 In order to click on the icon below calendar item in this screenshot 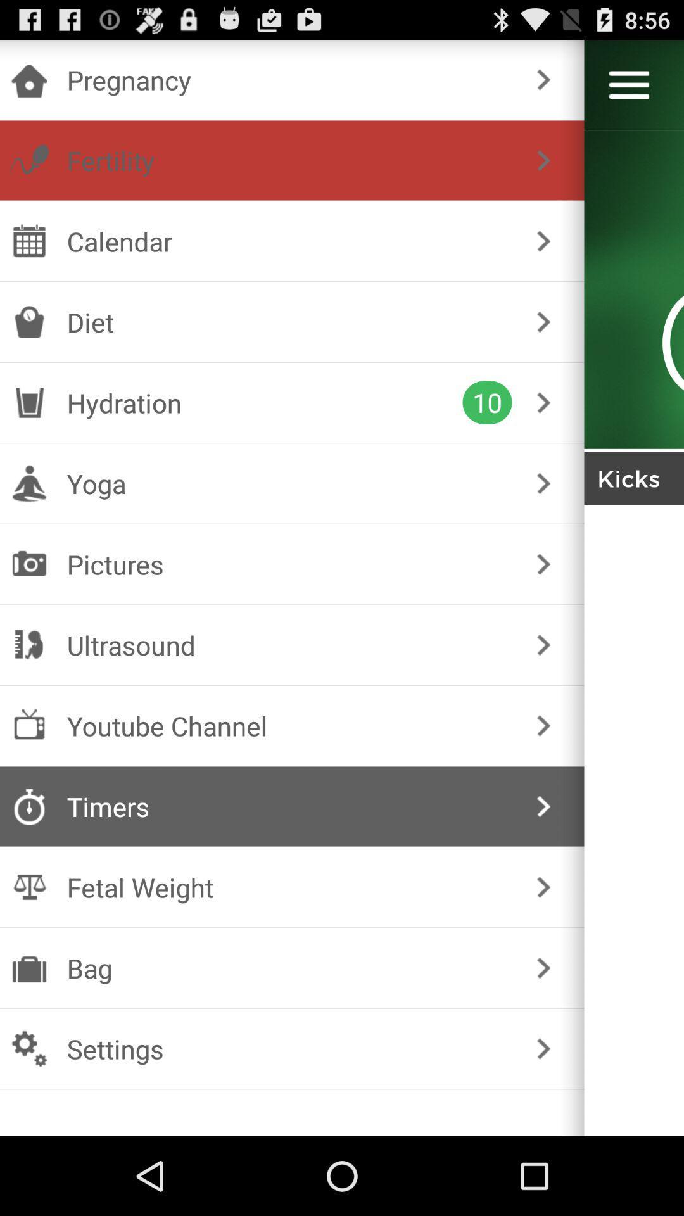, I will do `click(289, 322)`.